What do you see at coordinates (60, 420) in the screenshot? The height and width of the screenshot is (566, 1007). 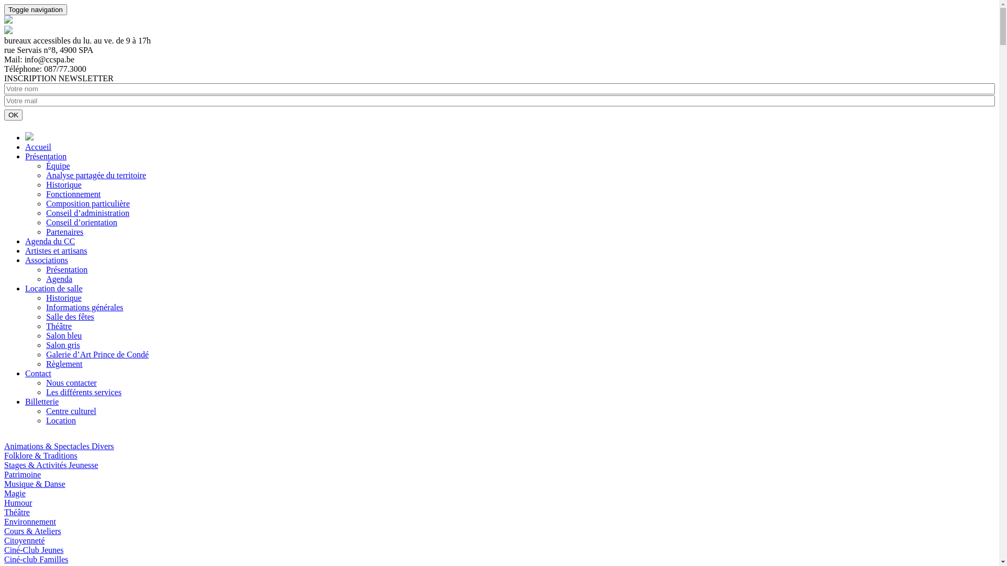 I see `'Location'` at bounding box center [60, 420].